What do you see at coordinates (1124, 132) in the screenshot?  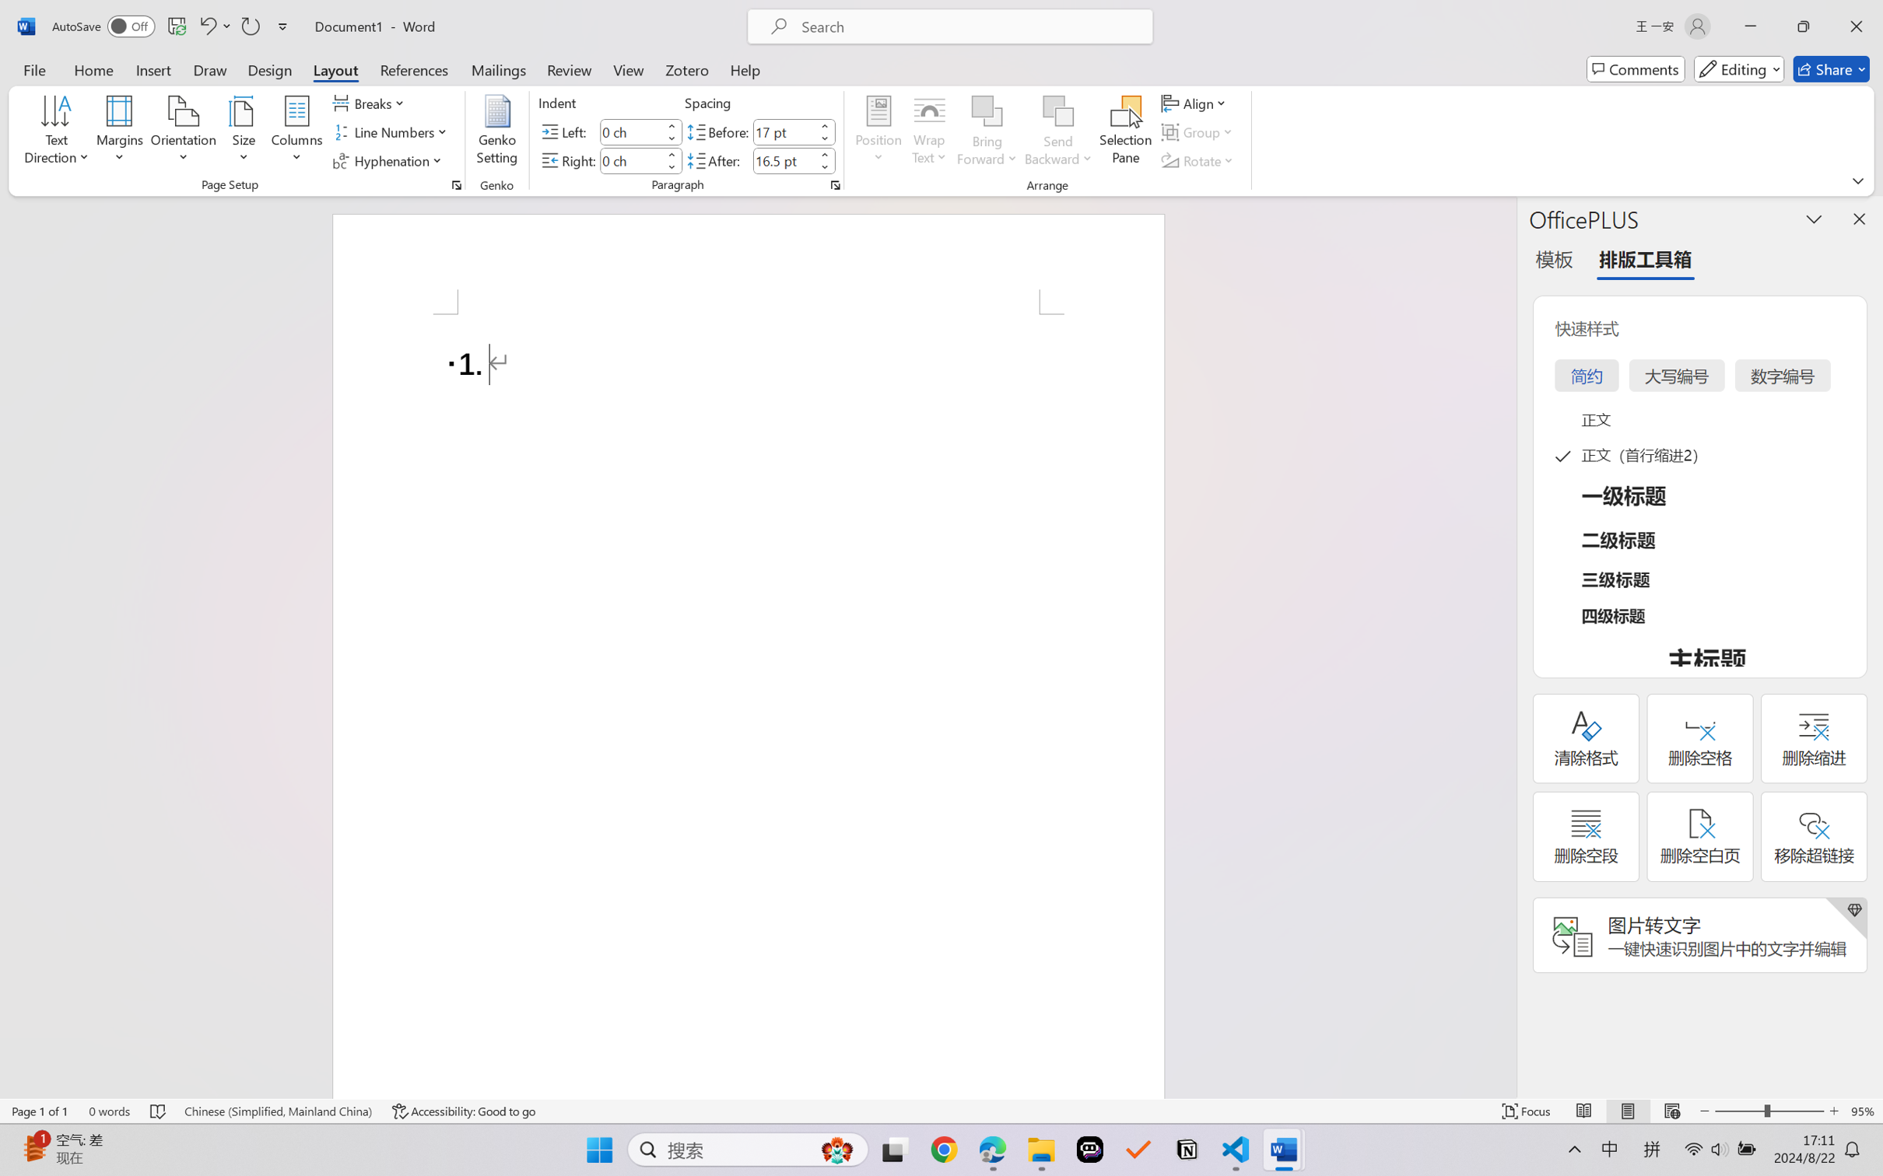 I see `'Selection Pane...'` at bounding box center [1124, 132].